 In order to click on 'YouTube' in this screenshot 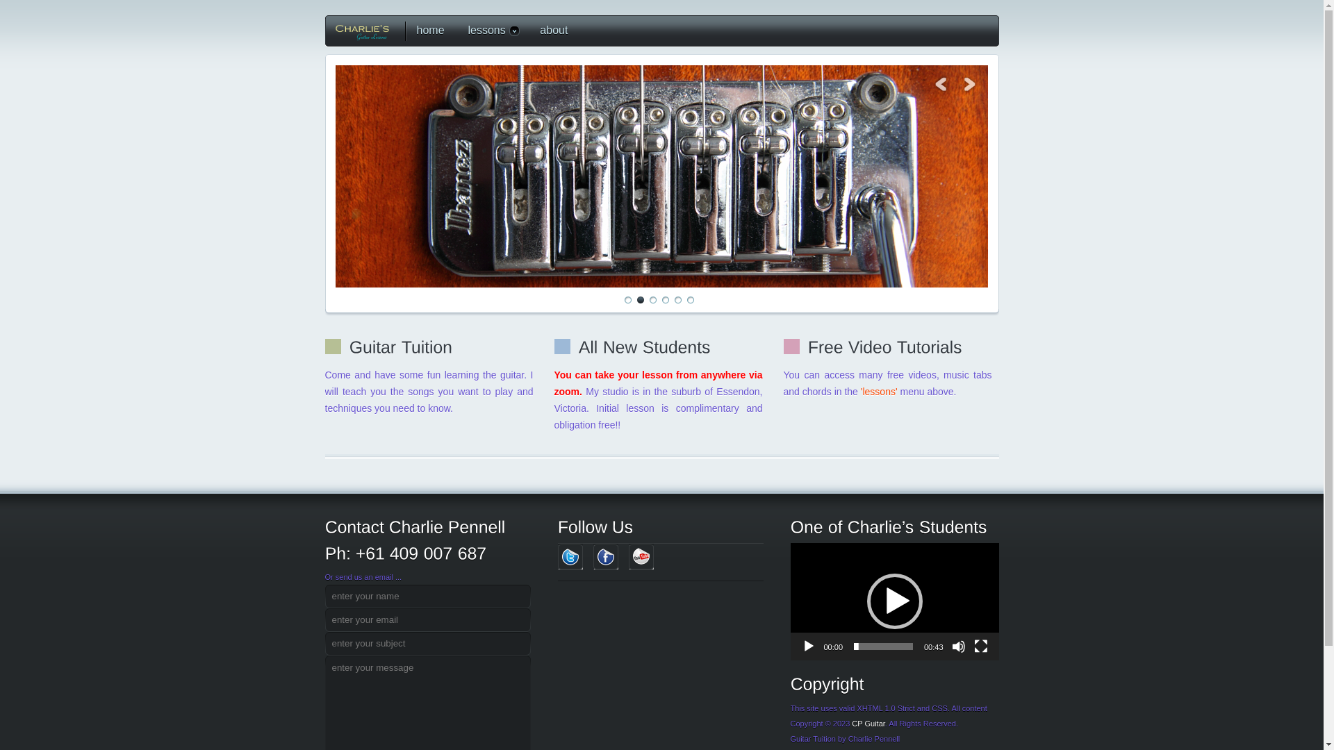, I will do `click(639, 556)`.